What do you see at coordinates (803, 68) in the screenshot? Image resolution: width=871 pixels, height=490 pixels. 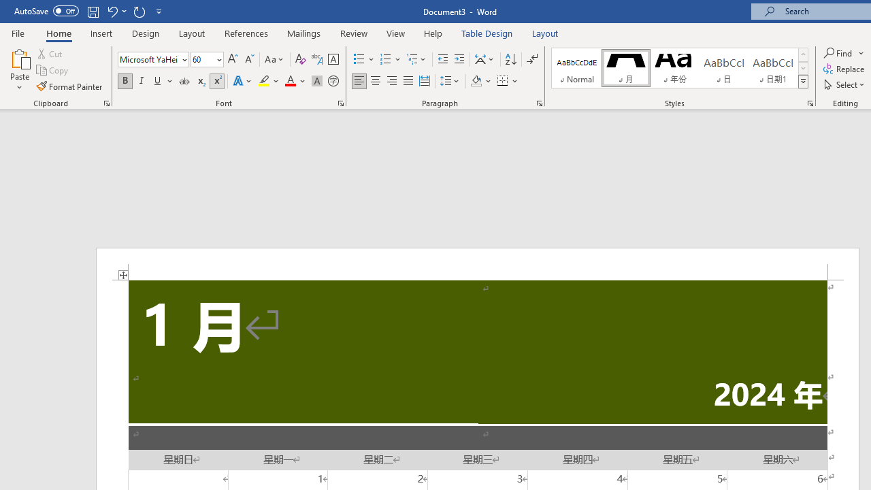 I see `'Row Down'` at bounding box center [803, 68].